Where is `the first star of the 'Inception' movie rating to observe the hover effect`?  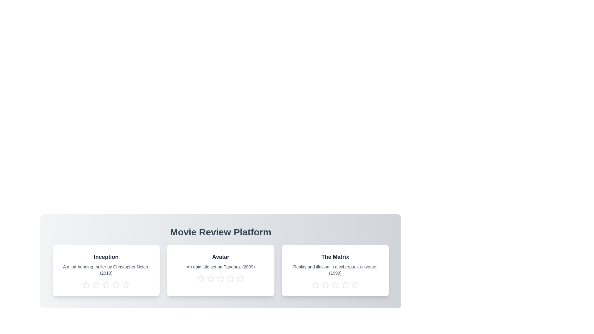 the first star of the 'Inception' movie rating to observe the hover effect is located at coordinates (86, 285).